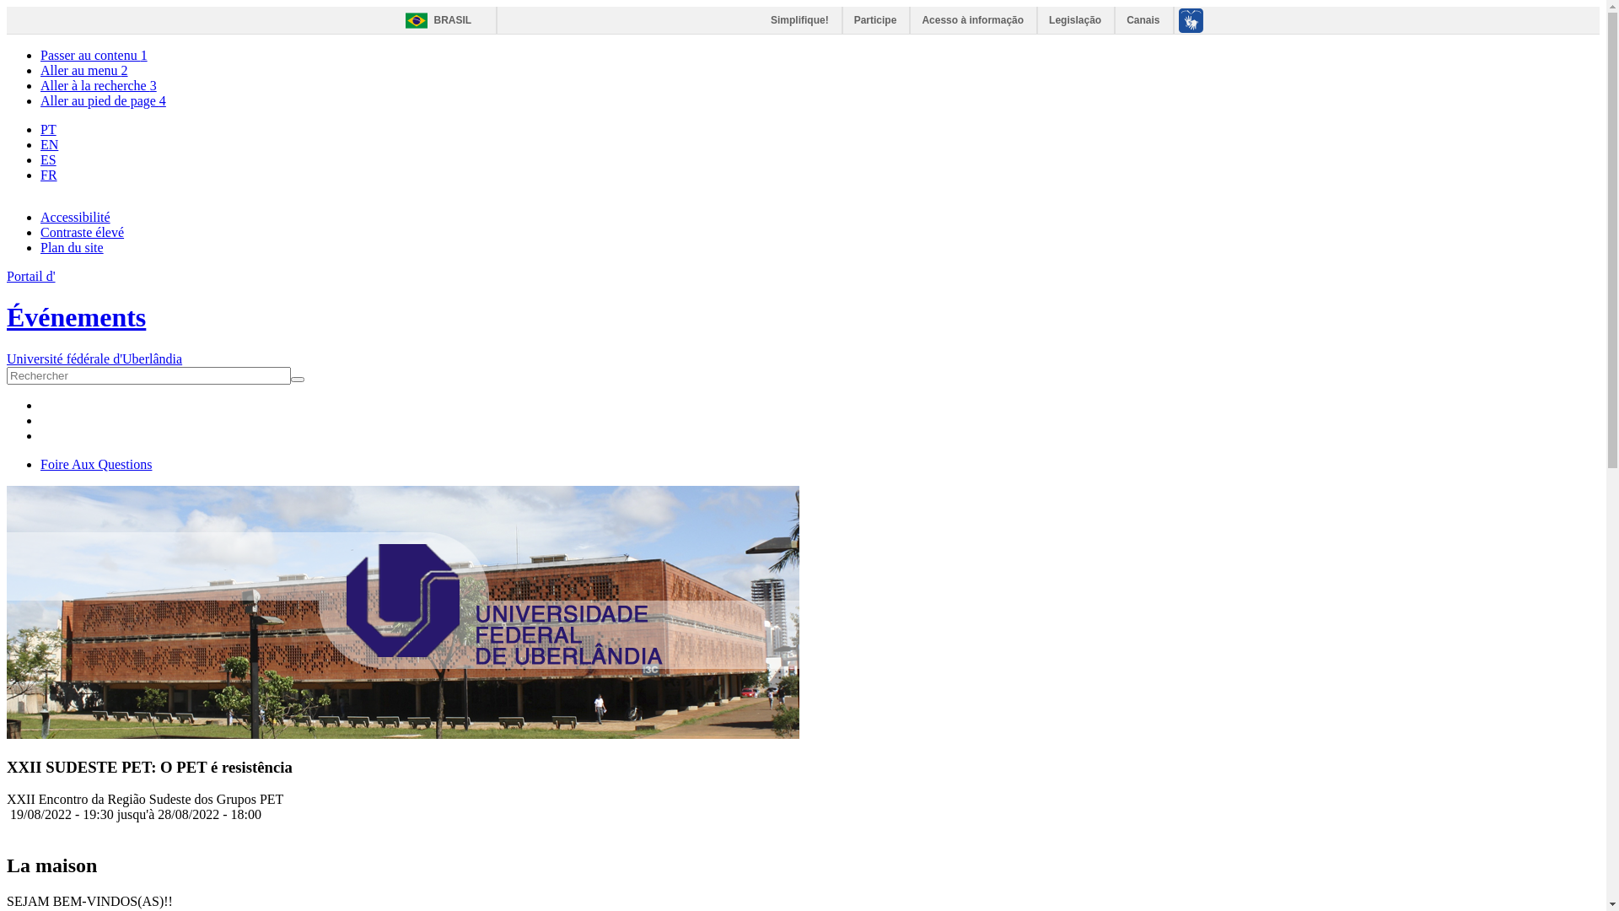 This screenshot has height=911, width=1619. What do you see at coordinates (48, 175) in the screenshot?
I see `'FR'` at bounding box center [48, 175].